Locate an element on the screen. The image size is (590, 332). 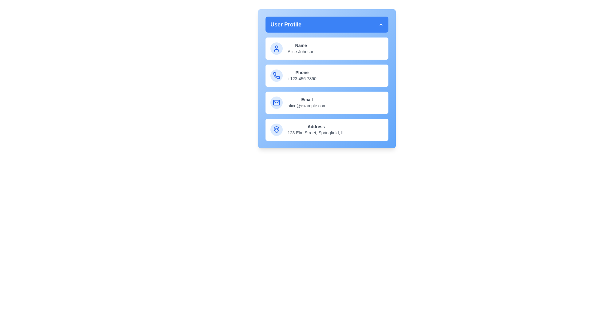
the user identity icon located at the left side of the 'Name' entry in the user profile card is located at coordinates (276, 48).